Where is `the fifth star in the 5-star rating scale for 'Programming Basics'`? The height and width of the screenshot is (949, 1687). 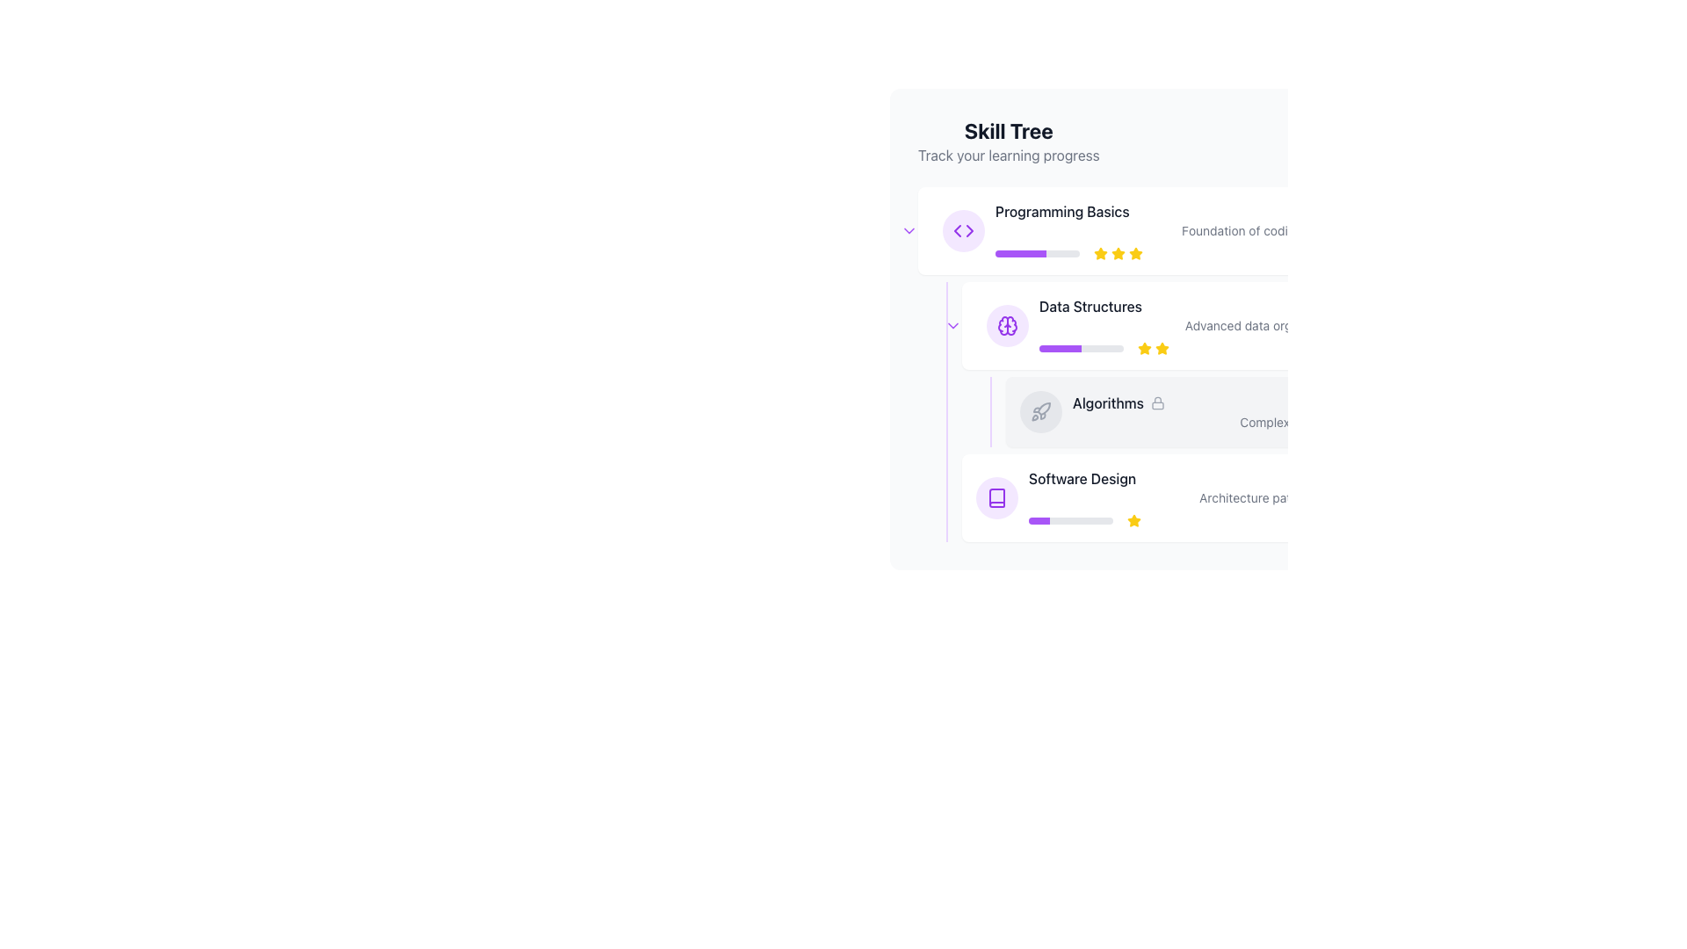 the fifth star in the 5-star rating scale for 'Programming Basics' is located at coordinates (1135, 254).